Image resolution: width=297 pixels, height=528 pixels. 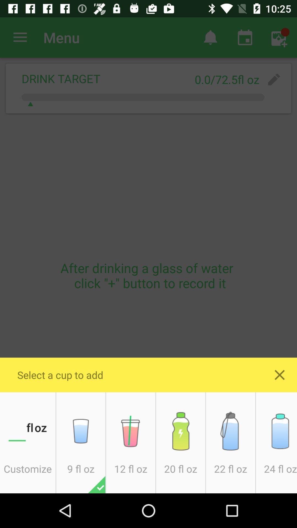 I want to click on the item to the right of the select a cup item, so click(x=280, y=375).